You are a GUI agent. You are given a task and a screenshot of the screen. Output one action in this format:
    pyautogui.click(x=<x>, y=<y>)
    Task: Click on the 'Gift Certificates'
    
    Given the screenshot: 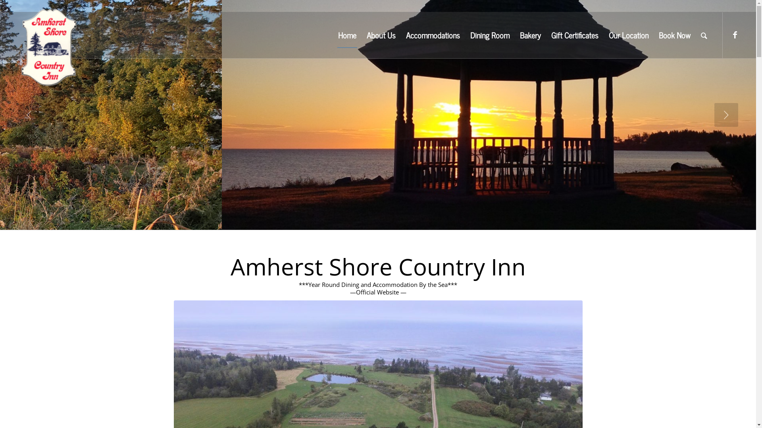 What is the action you would take?
    pyautogui.click(x=575, y=34)
    